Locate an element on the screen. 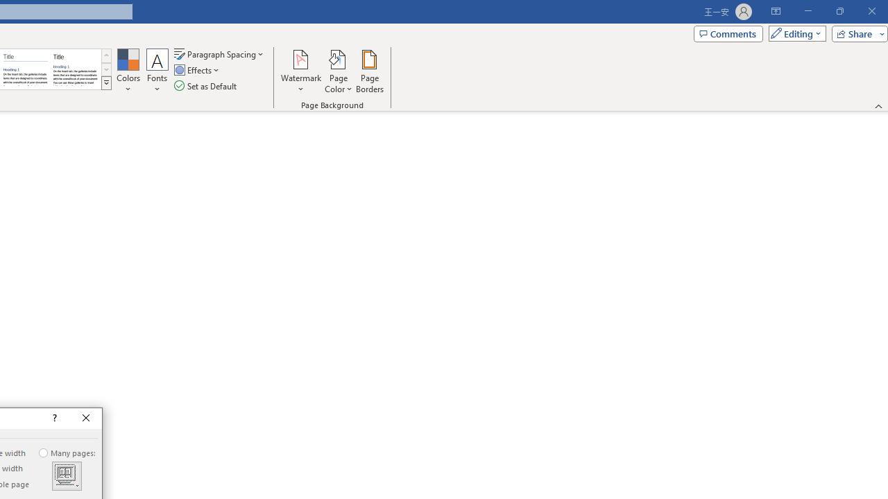 This screenshot has width=888, height=499. 'Word 2010' is located at coordinates (26, 69).